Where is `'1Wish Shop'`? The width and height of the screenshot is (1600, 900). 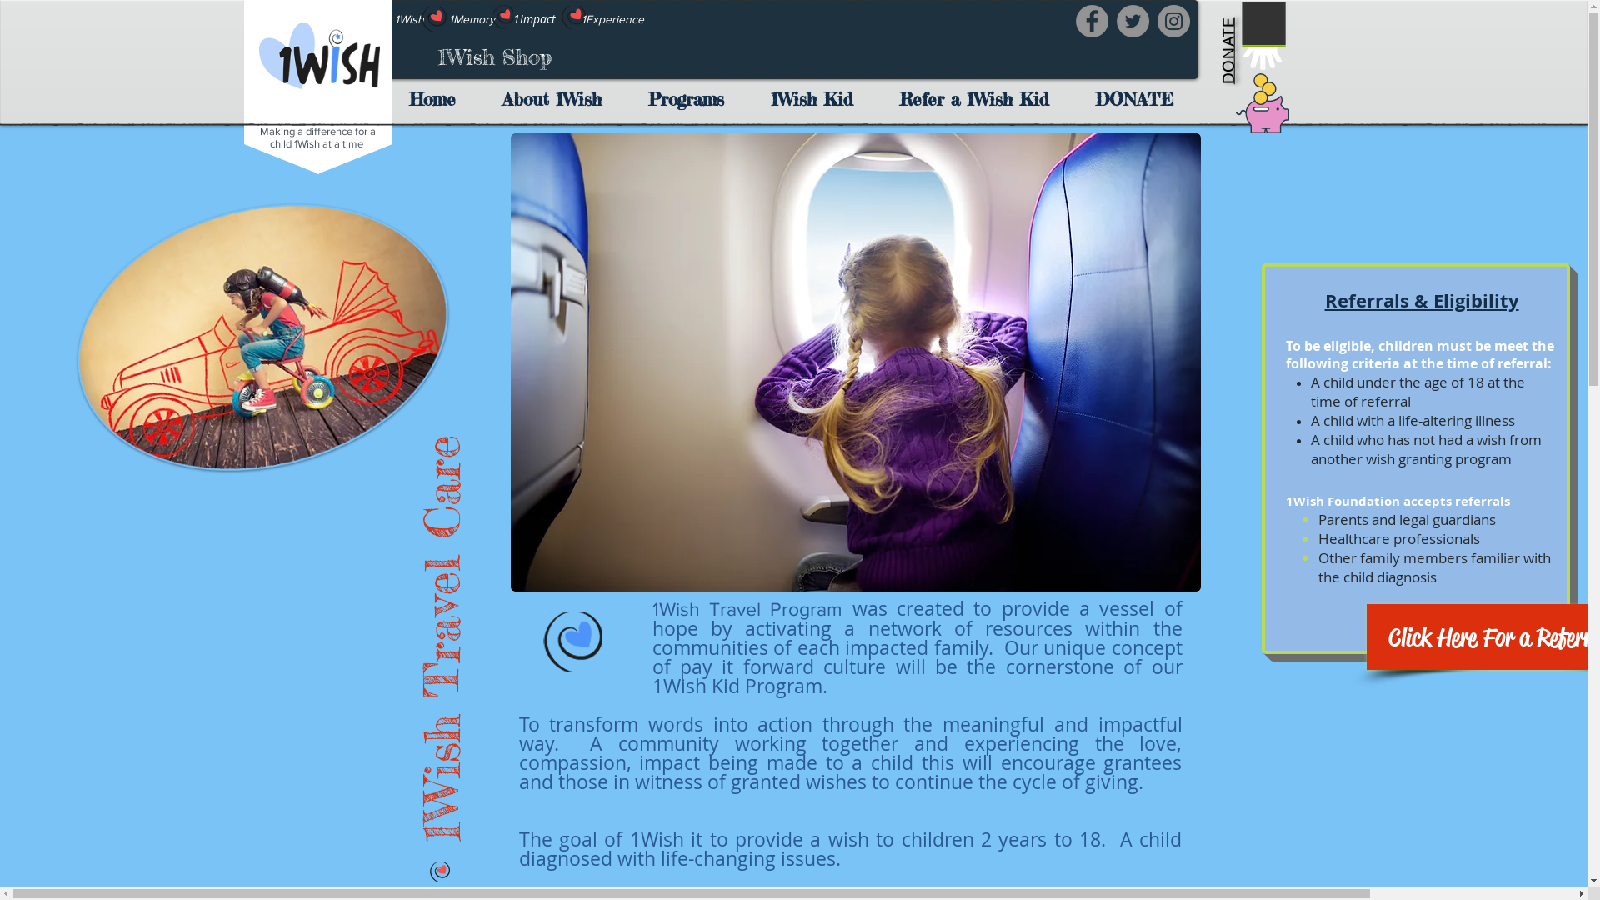 '1Wish Shop' is located at coordinates (435, 57).